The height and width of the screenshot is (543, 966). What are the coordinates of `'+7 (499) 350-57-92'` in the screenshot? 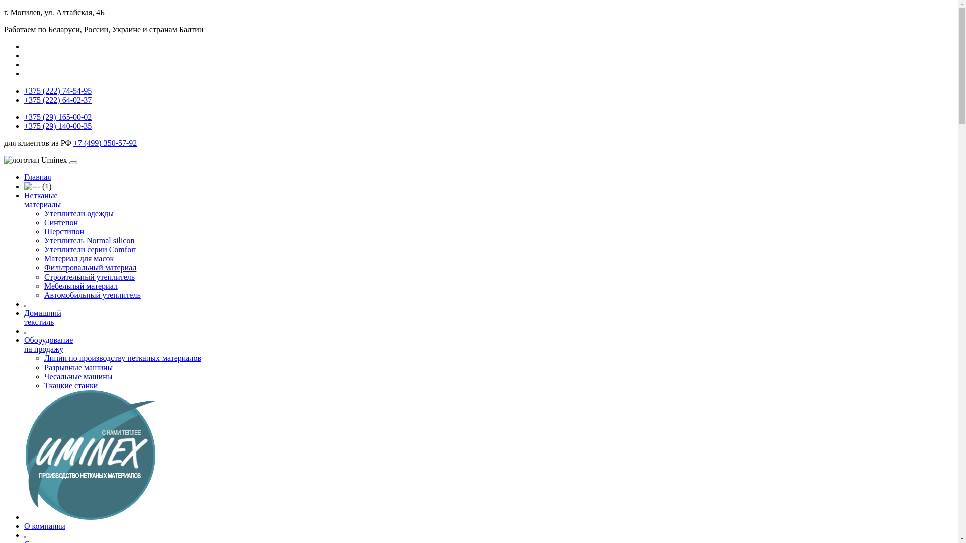 It's located at (105, 143).